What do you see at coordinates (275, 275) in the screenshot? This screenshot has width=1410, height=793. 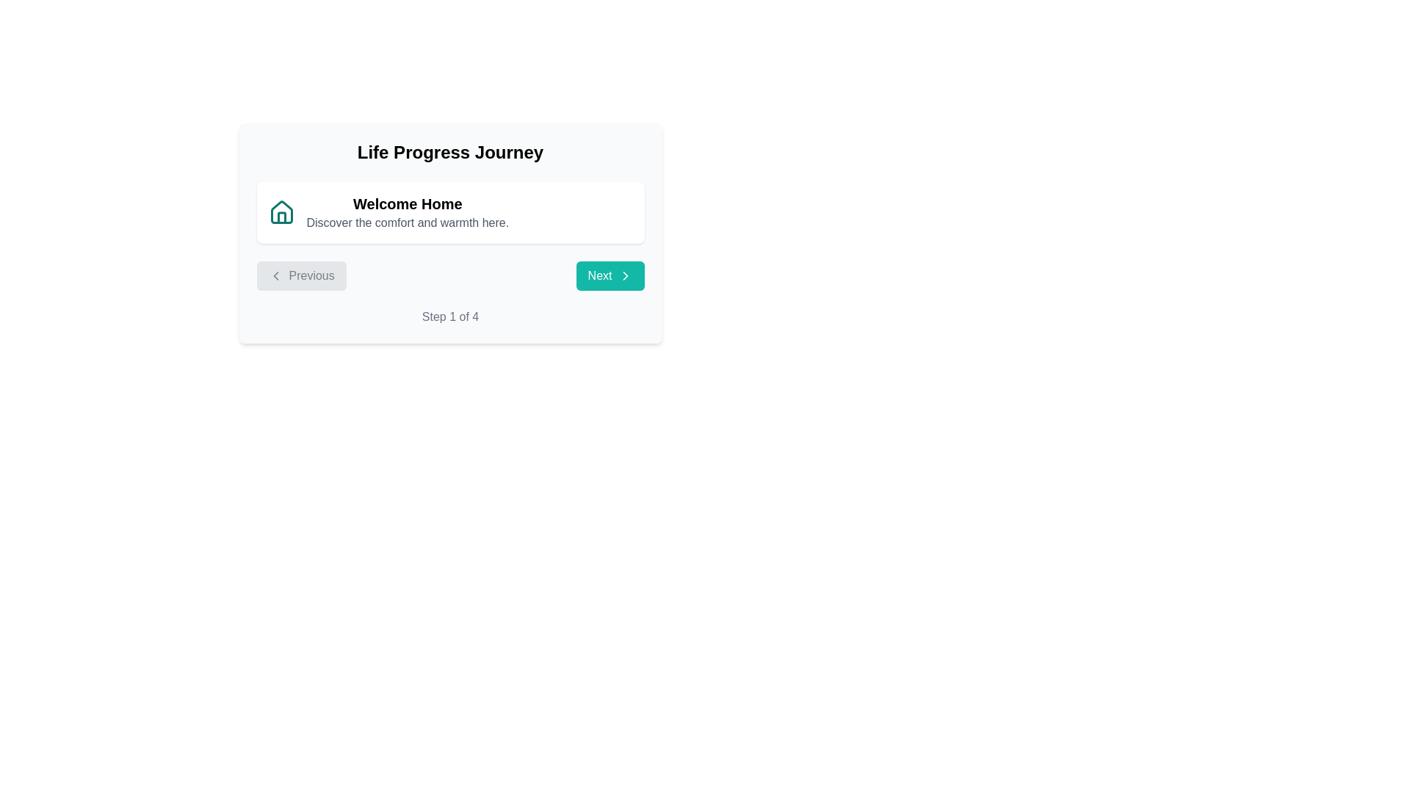 I see `the left-pointing chevron arrow icon in the 'Previous' button, which is visually styled with a gray color and slight rounded line cap, located towards the bottom of the central card-like interface` at bounding box center [275, 275].